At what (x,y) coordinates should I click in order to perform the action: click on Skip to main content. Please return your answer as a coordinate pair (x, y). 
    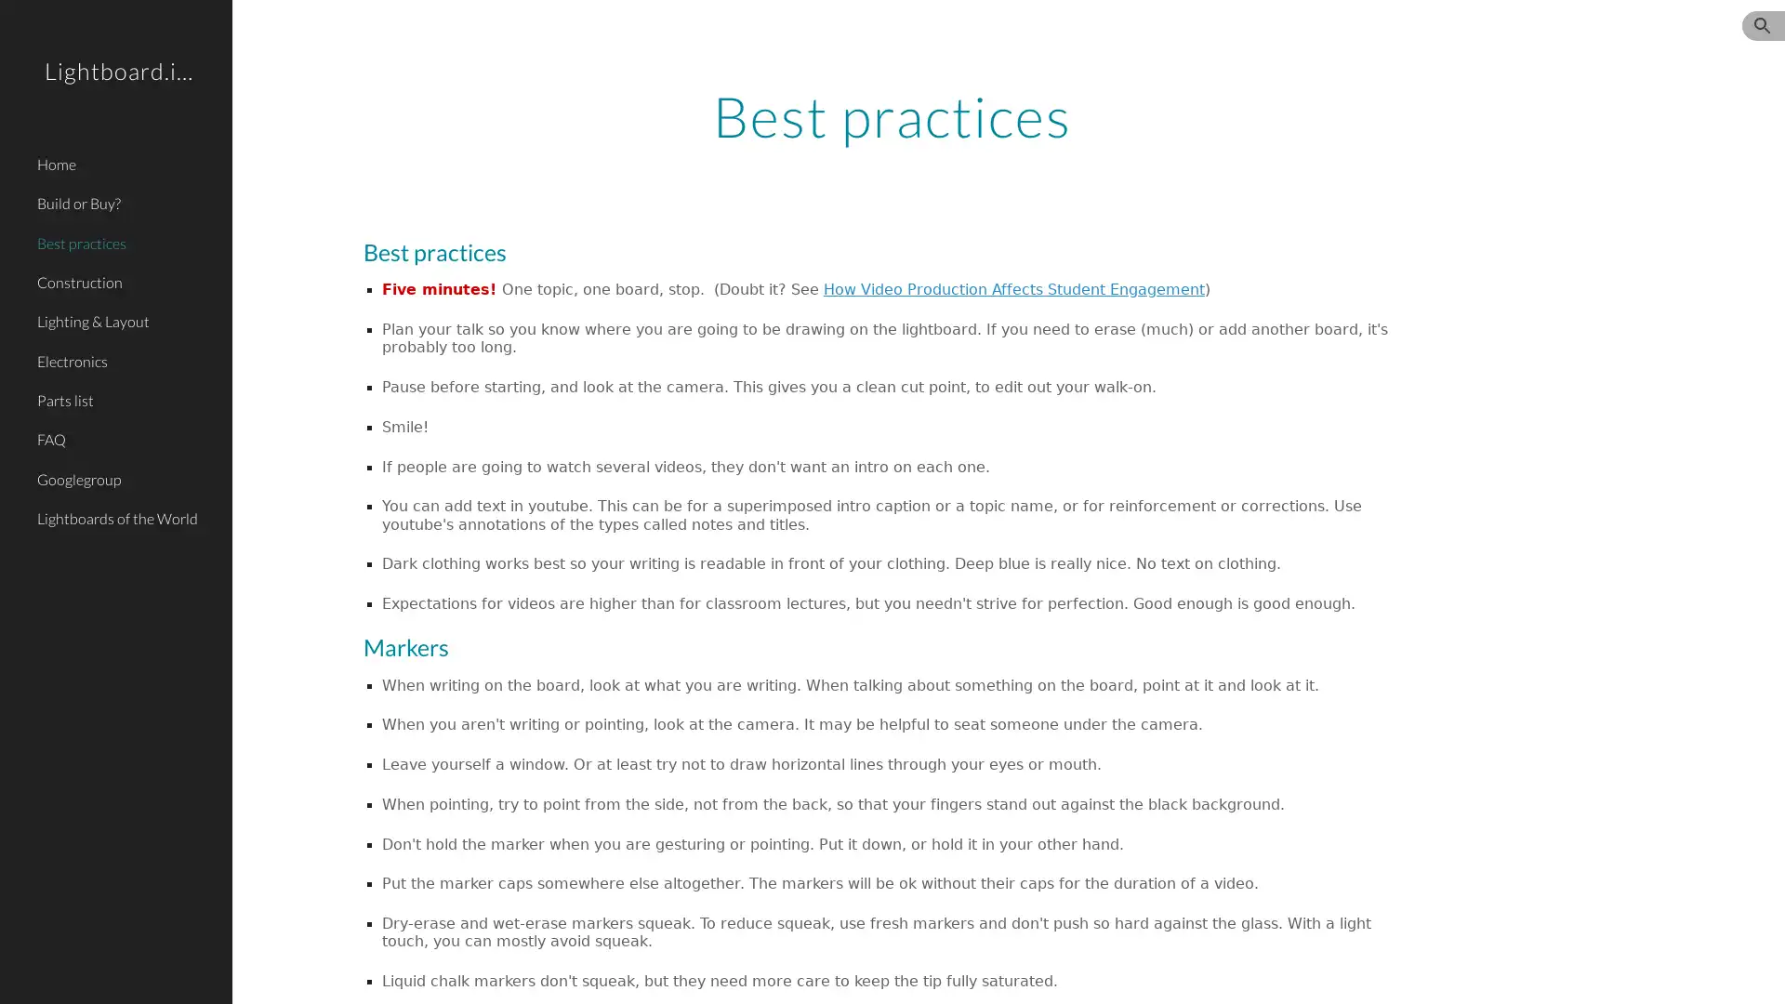
    Looking at the image, I should click on (732, 34).